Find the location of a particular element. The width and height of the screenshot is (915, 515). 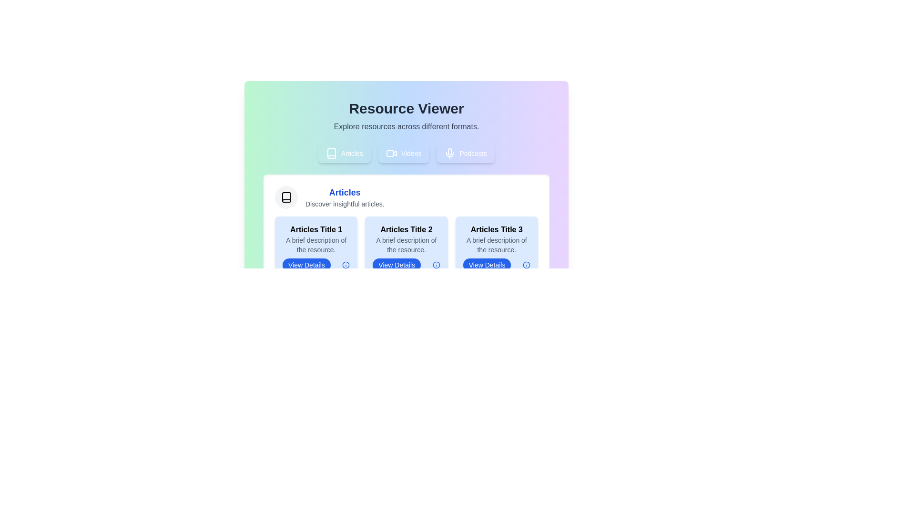

the 'Articles' text label in the horizontal navigation menu is located at coordinates (352, 153).